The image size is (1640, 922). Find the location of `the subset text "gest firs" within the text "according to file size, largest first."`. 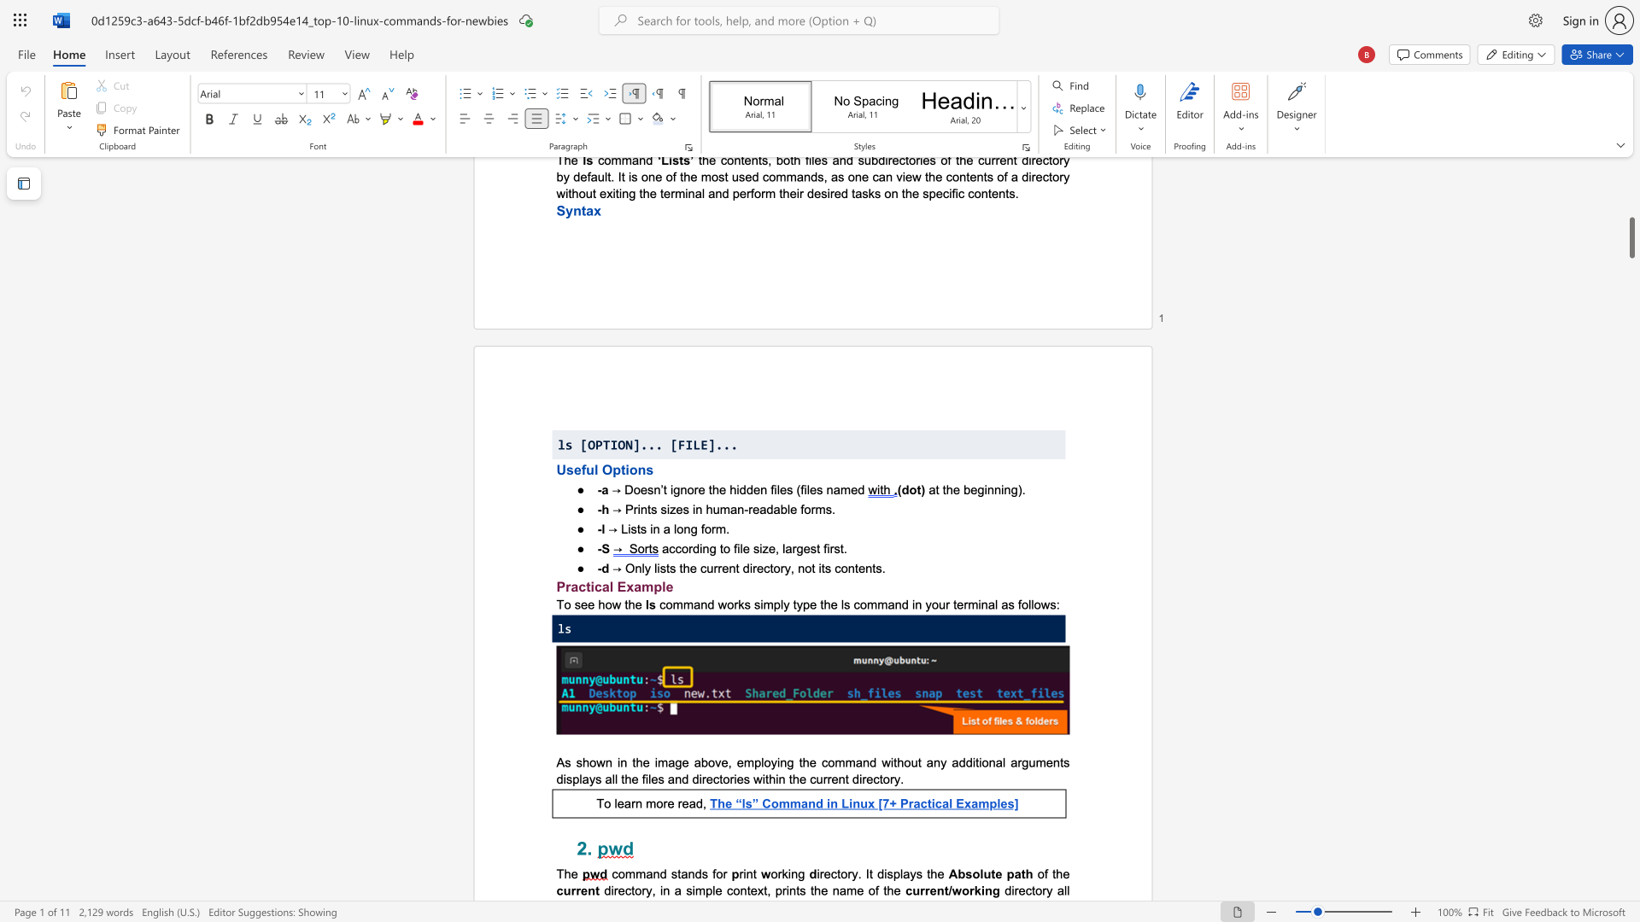

the subset text "gest firs" within the text "according to file size, largest first." is located at coordinates (795, 548).